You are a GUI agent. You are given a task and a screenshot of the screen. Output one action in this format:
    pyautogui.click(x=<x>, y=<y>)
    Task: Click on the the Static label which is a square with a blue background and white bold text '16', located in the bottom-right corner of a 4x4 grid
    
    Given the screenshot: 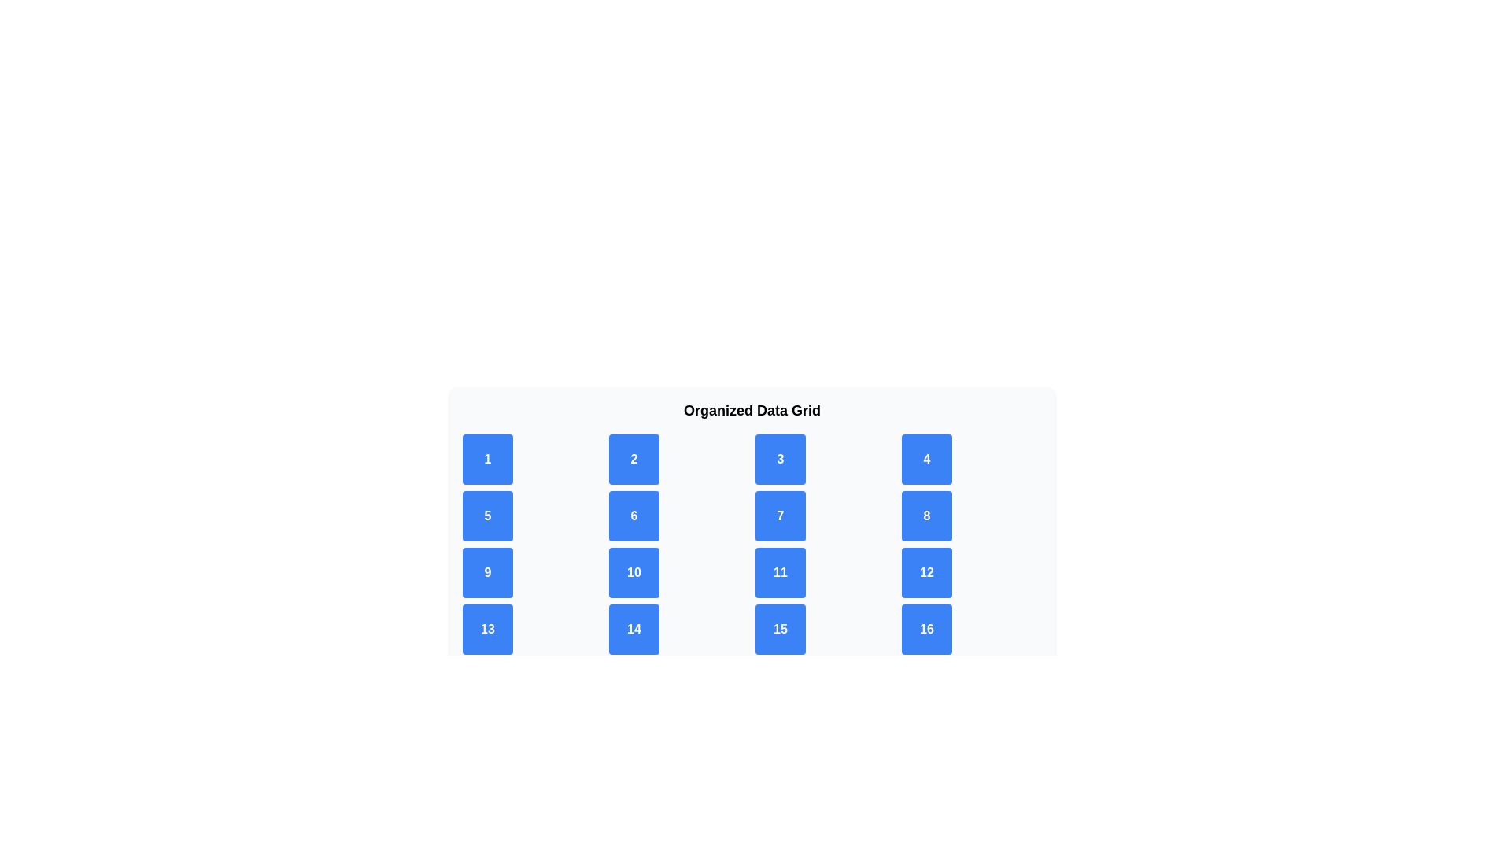 What is the action you would take?
    pyautogui.click(x=926, y=628)
    